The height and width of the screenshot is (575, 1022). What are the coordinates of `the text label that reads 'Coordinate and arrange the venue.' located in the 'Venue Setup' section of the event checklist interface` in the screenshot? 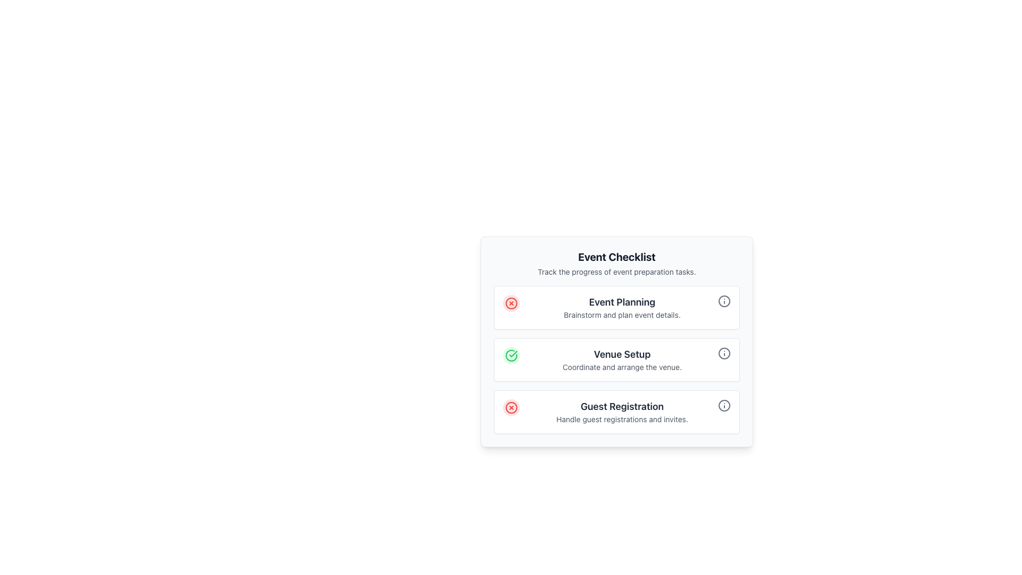 It's located at (622, 367).